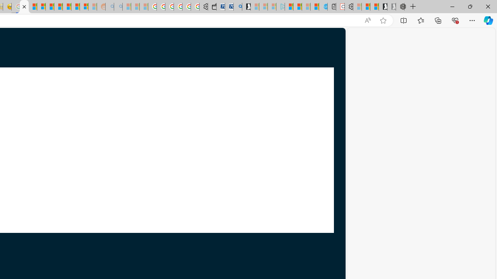 The image size is (497, 279). I want to click on 'Home | Sky Blue Bikes - Sky Blue Bikes', so click(323, 7).